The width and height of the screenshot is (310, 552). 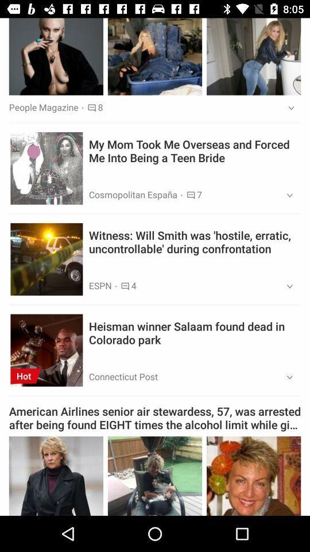 I want to click on the icon to the right of connecticut post item, so click(x=285, y=377).